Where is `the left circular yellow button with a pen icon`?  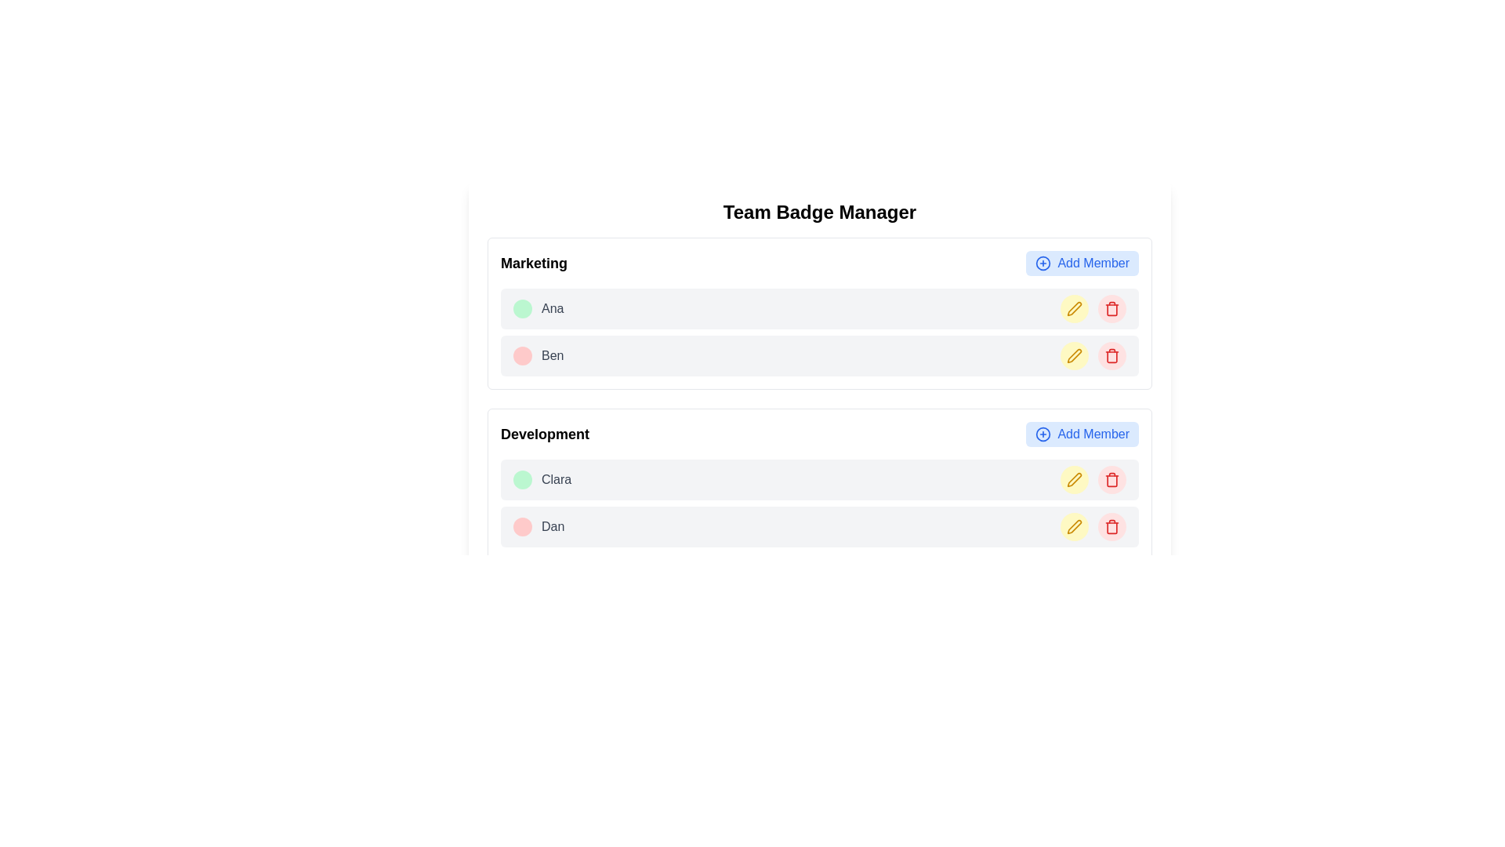 the left circular yellow button with a pen icon is located at coordinates (1093, 308).